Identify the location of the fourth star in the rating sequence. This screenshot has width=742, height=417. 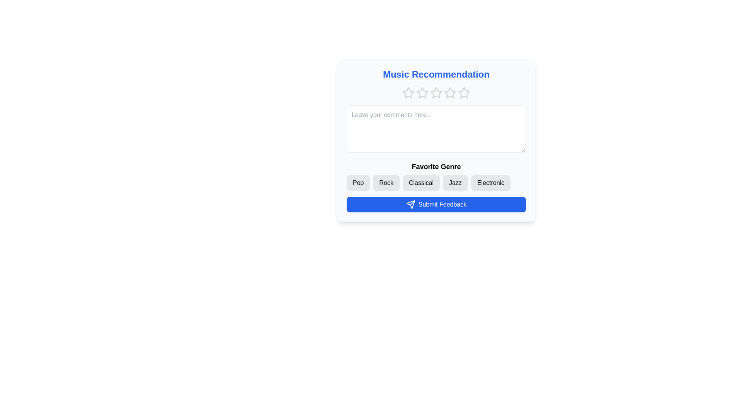
(450, 92).